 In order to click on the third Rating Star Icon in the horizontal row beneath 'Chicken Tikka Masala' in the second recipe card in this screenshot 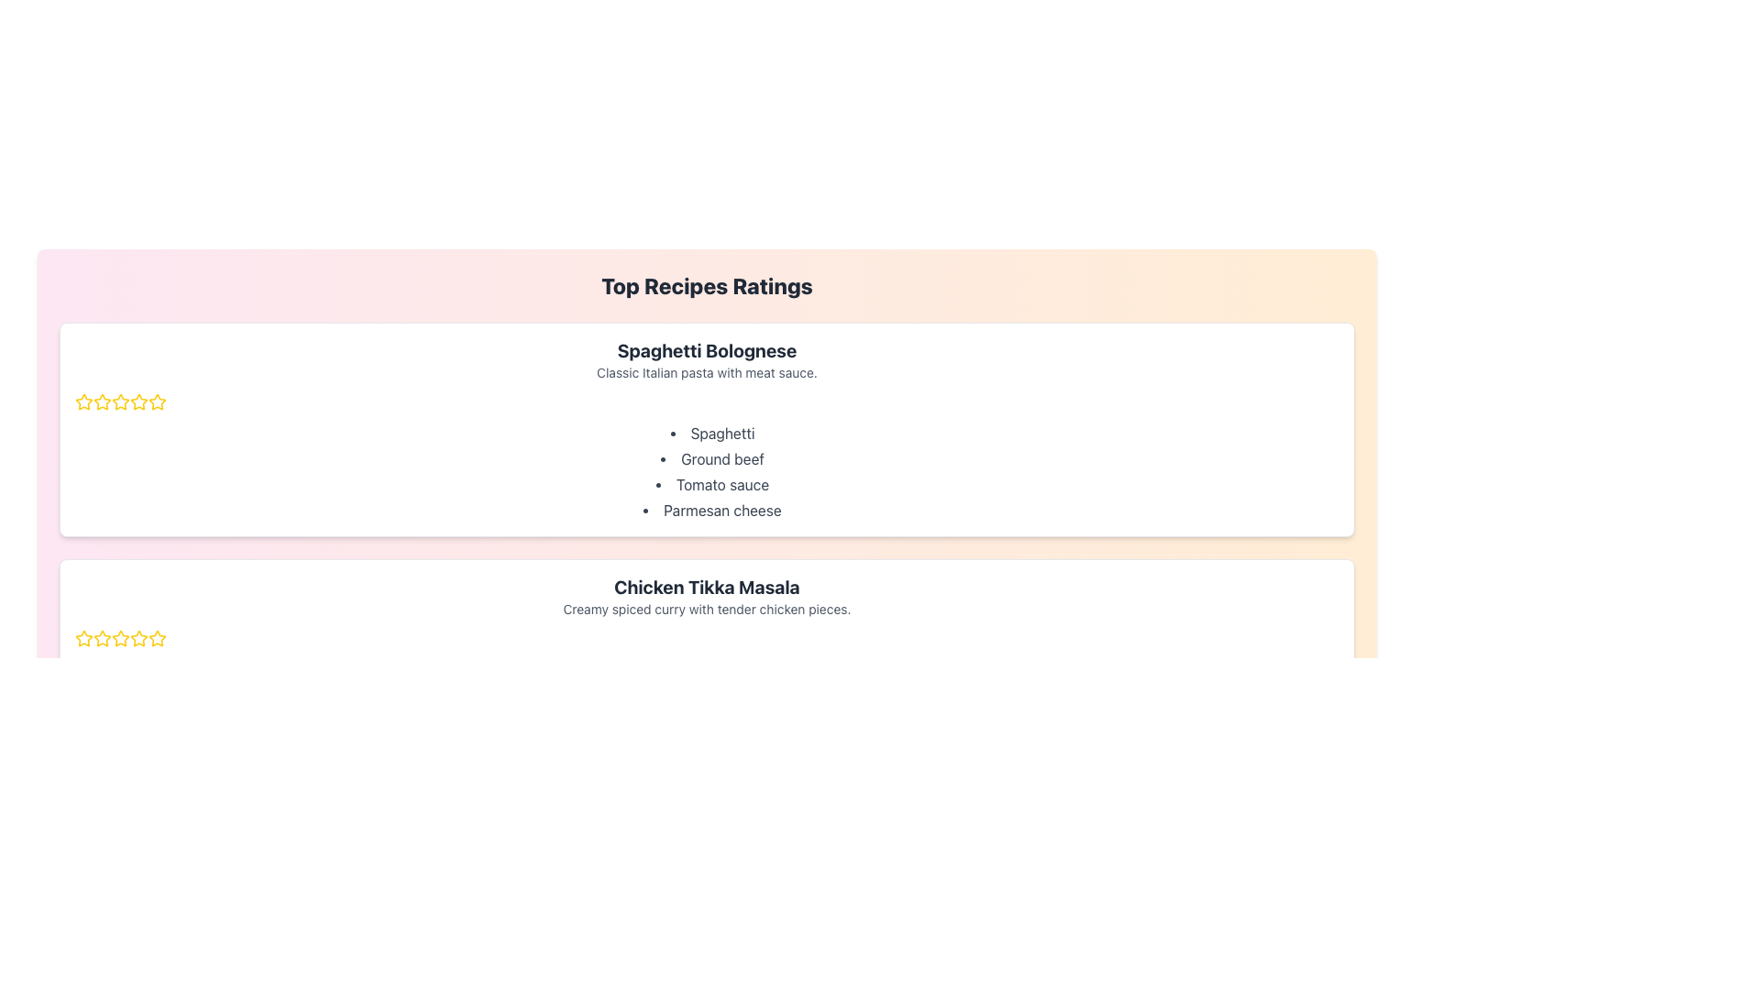, I will do `click(101, 638)`.